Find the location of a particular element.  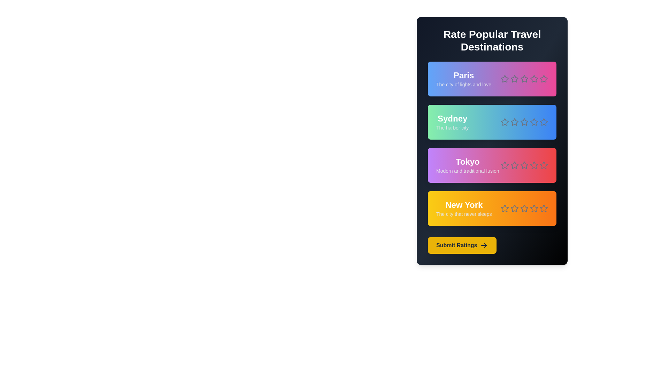

the rating for a destination to 2 stars is located at coordinates (515, 79).